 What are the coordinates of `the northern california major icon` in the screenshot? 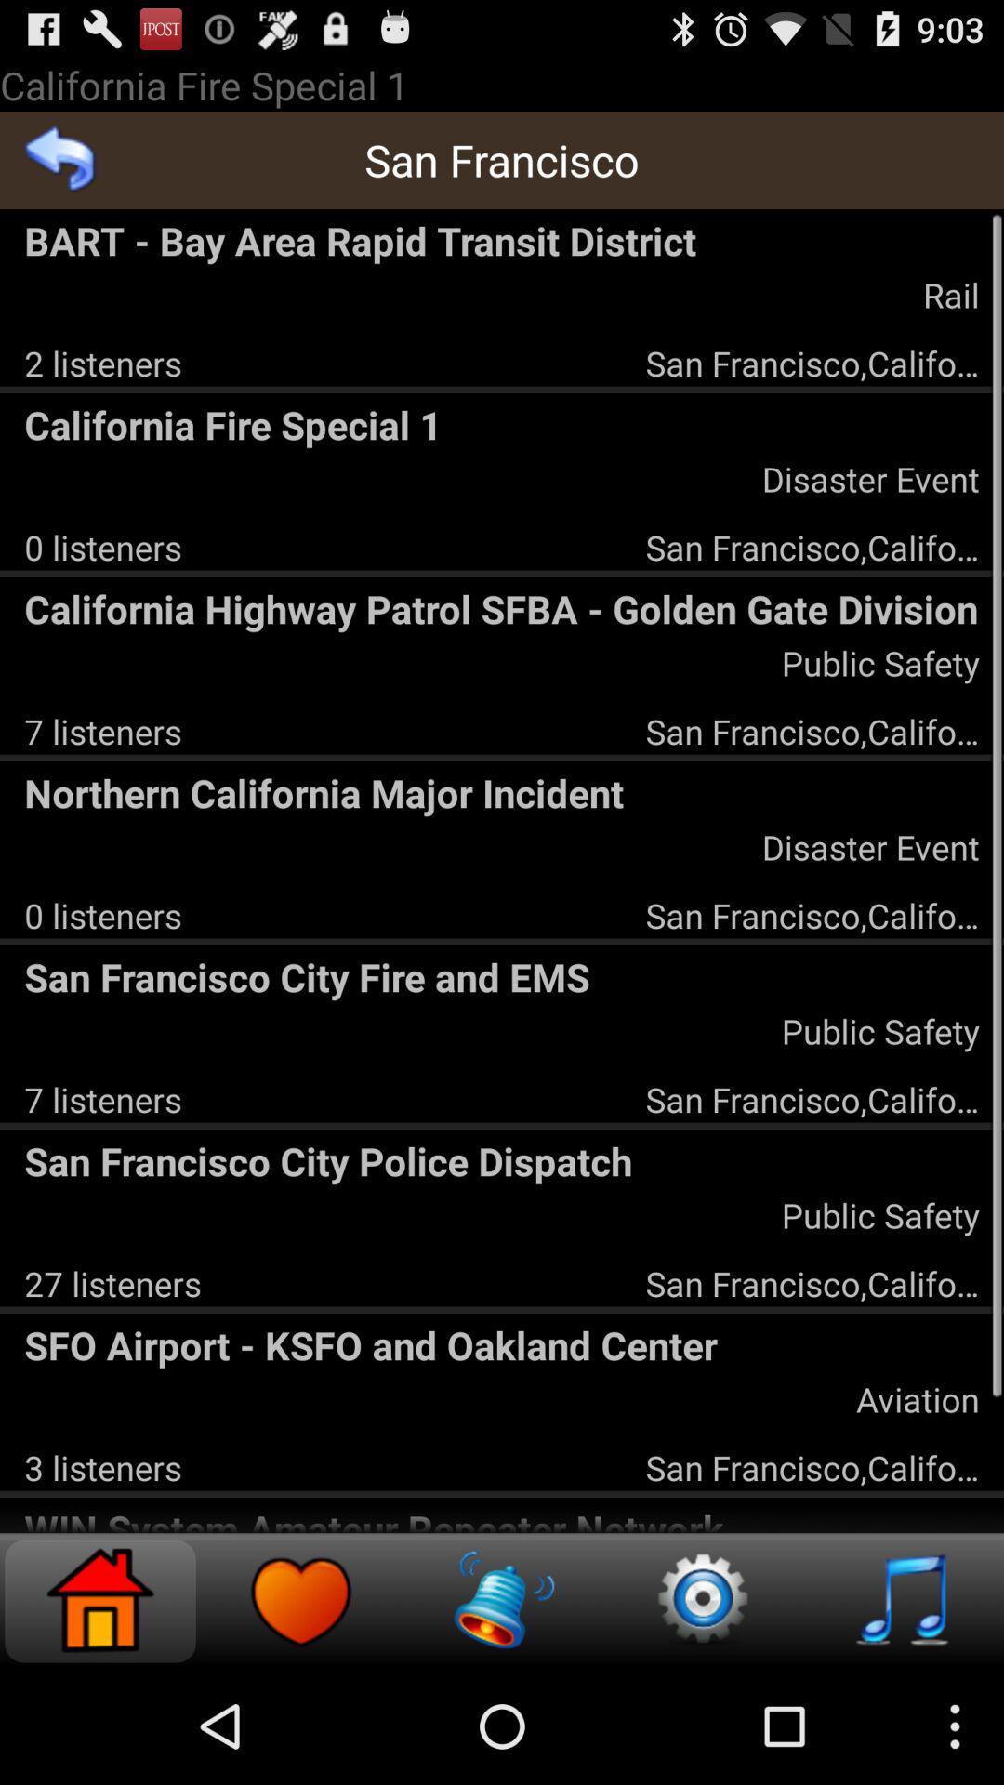 It's located at (502, 792).